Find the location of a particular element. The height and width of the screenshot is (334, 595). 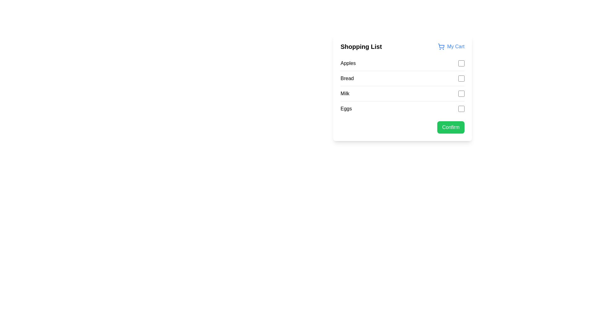

the checkbox with a blue accent border positioned to the far right of the 'Bread' label is located at coordinates (461, 78).